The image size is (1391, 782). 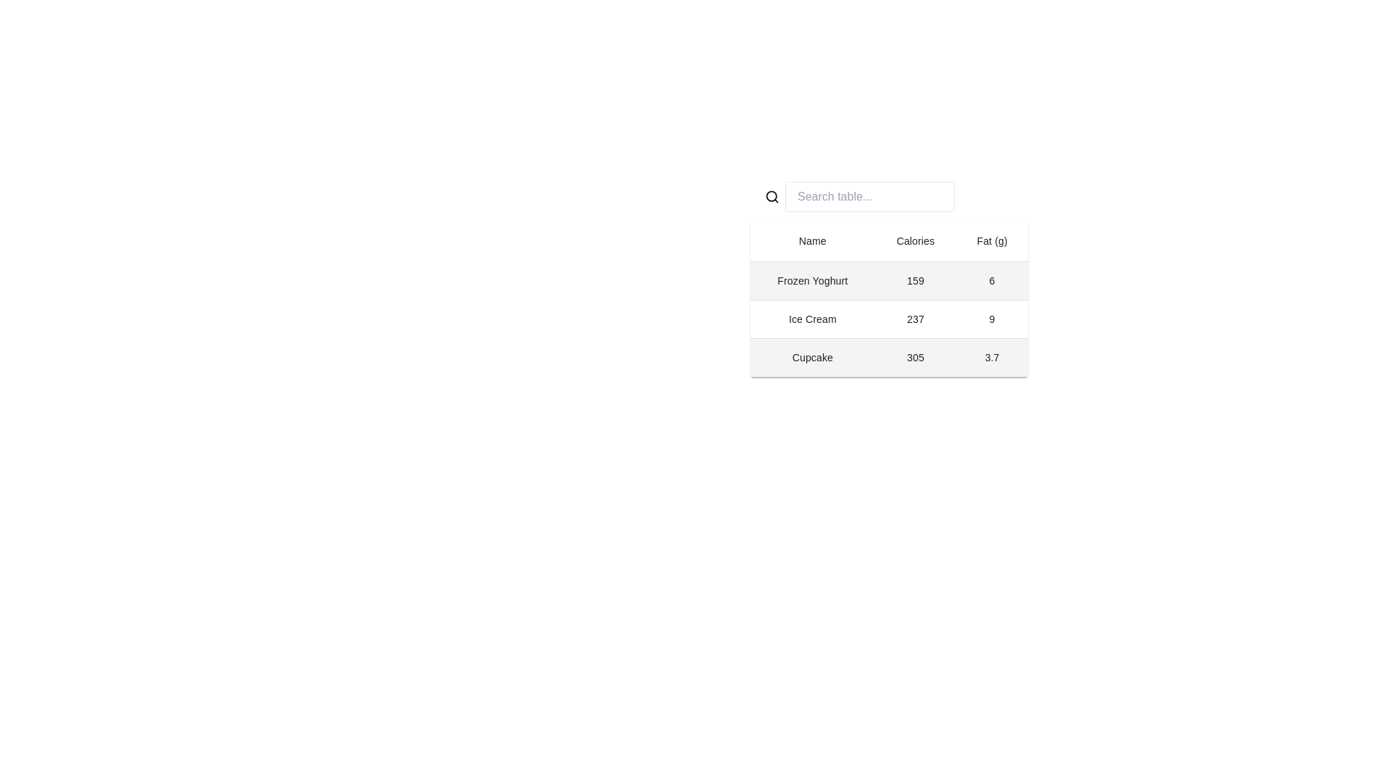 I want to click on the first cell in the table that displays the text 'Frozen Yoghurt' to possibly reveal additional information, so click(x=812, y=281).